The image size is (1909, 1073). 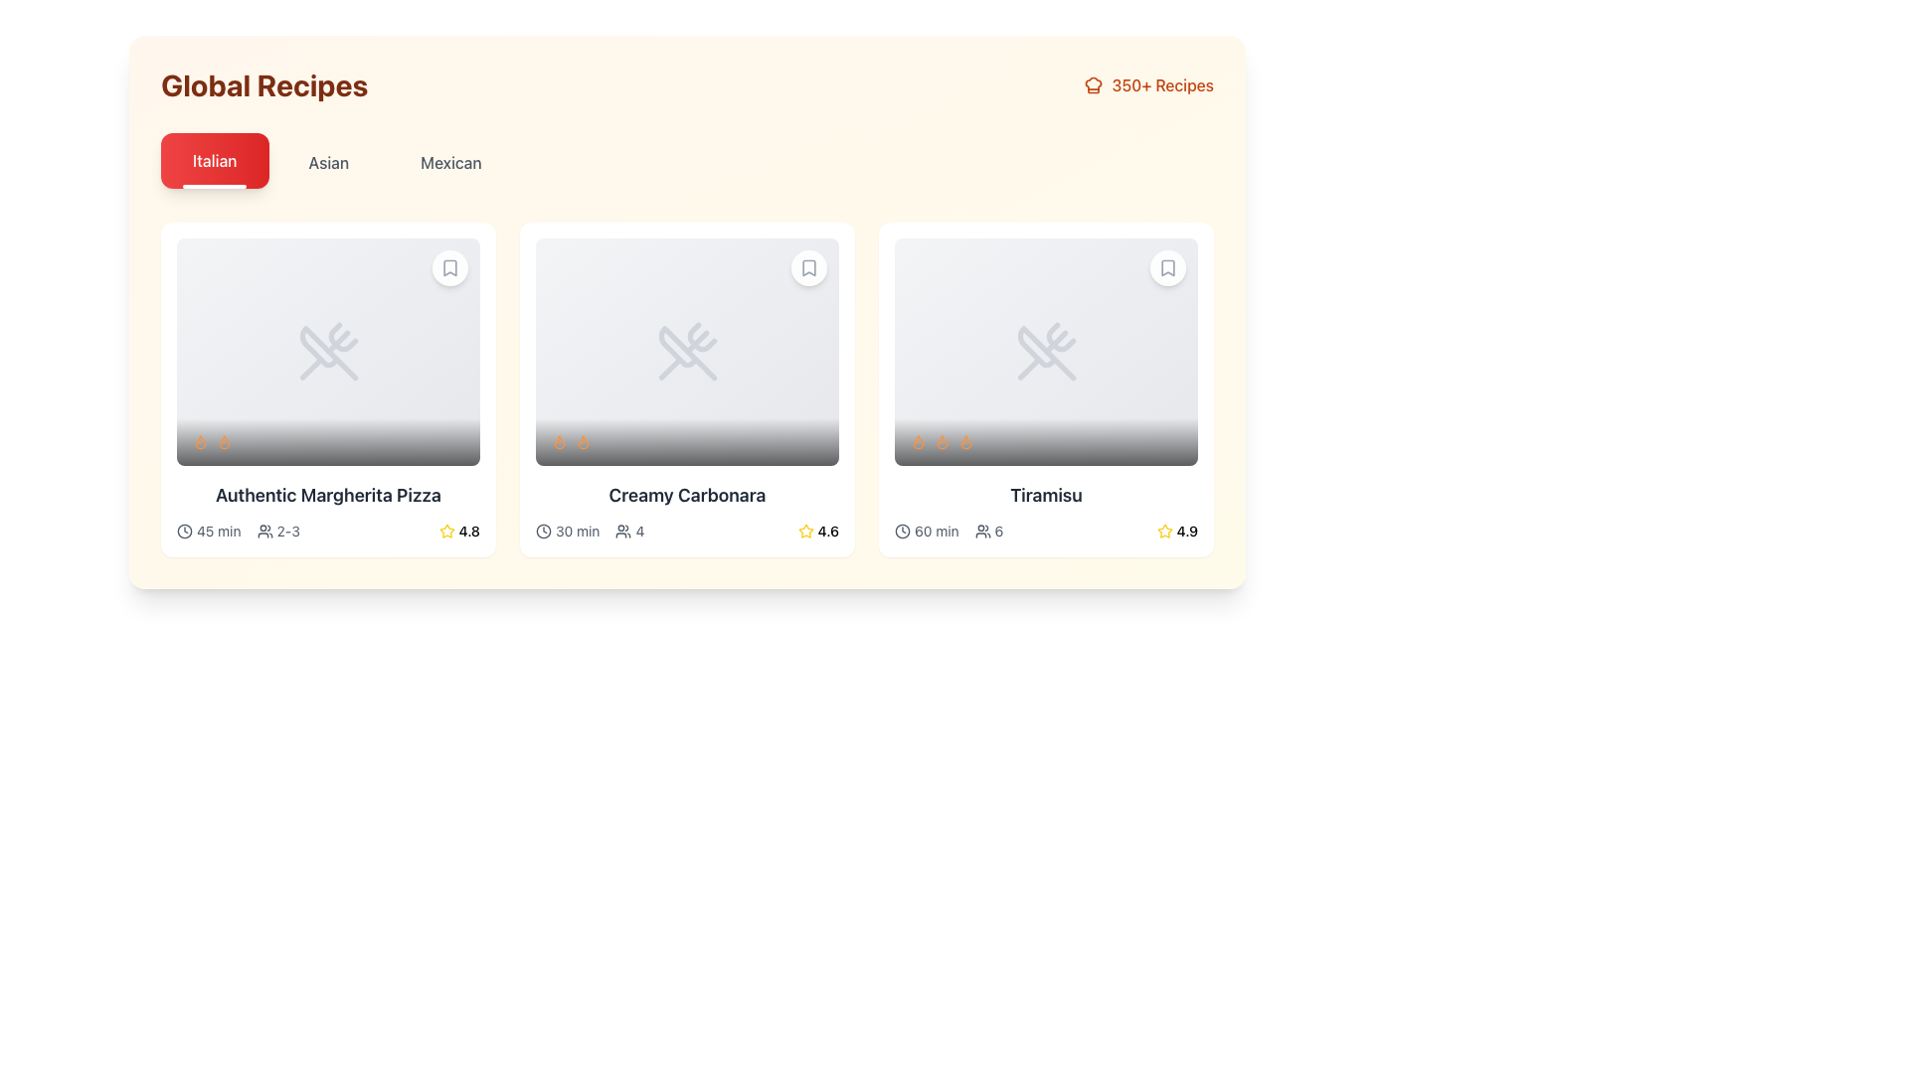 What do you see at coordinates (200, 439) in the screenshot?
I see `the orange flame icon located below the 'Authentic Margherita Pizza' card in the Italian recipes section` at bounding box center [200, 439].